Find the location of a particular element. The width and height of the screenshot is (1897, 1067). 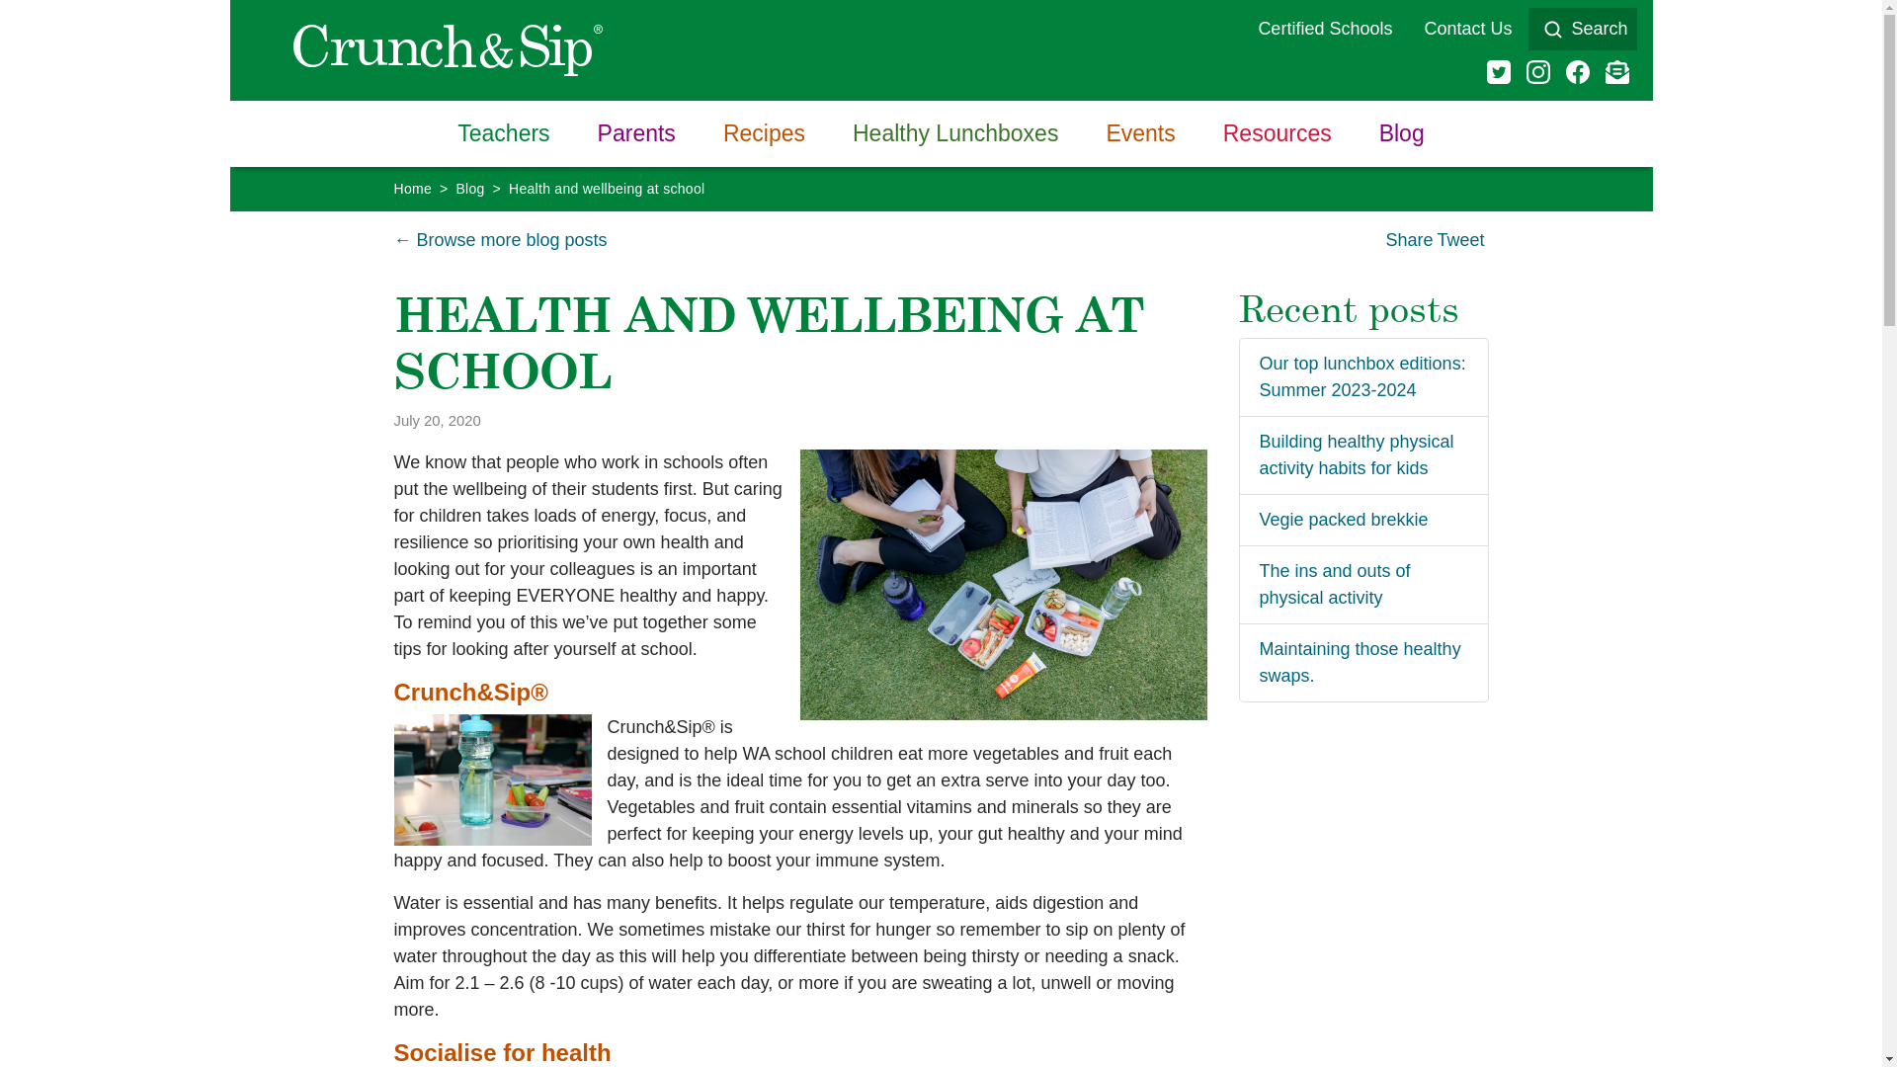

'Share' is located at coordinates (1407, 239).